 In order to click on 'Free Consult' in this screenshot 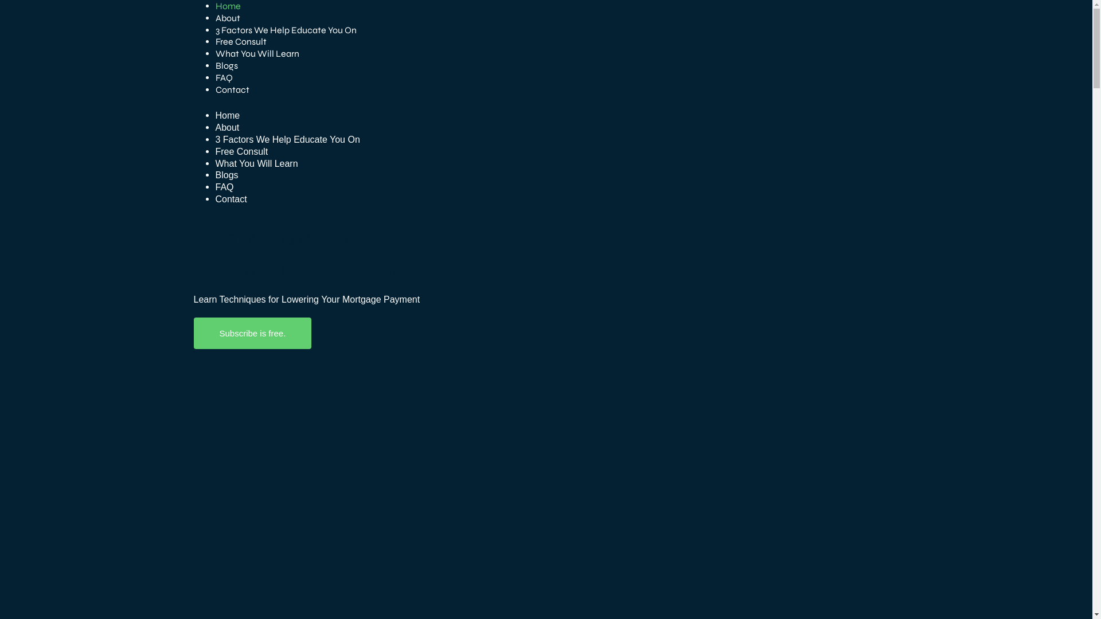, I will do `click(215, 151)`.